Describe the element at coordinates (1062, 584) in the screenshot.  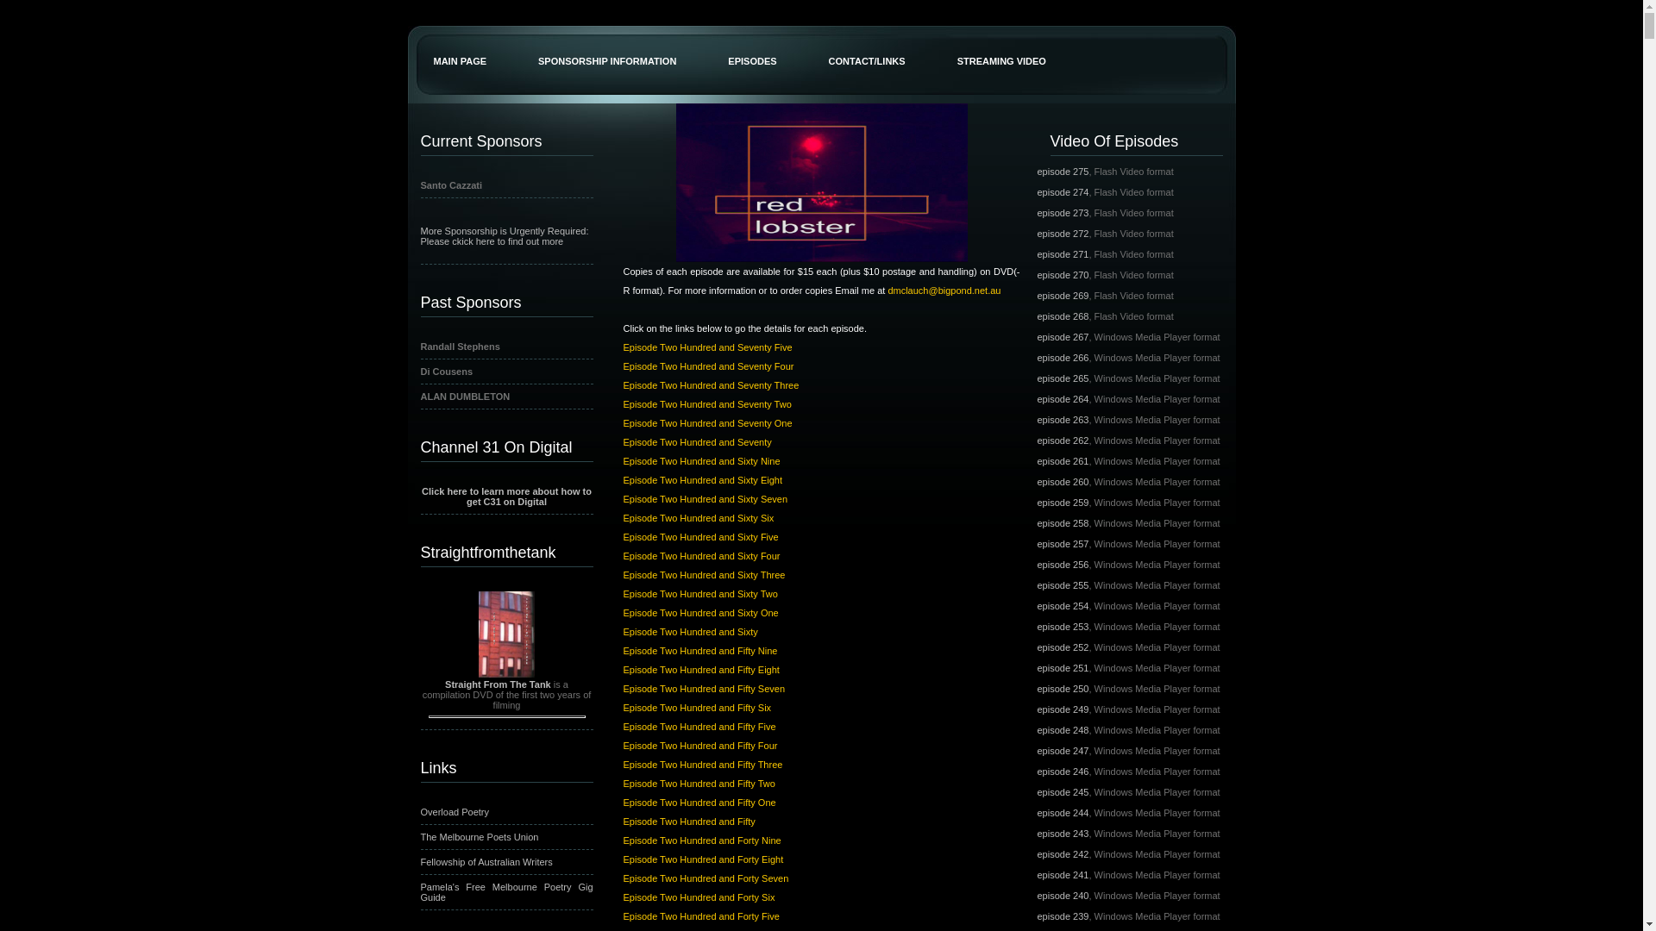
I see `'episode 255'` at that location.